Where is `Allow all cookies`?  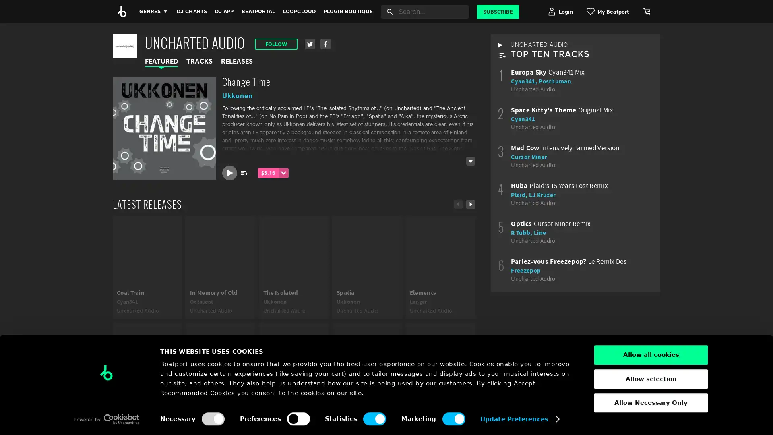 Allow all cookies is located at coordinates (651, 354).